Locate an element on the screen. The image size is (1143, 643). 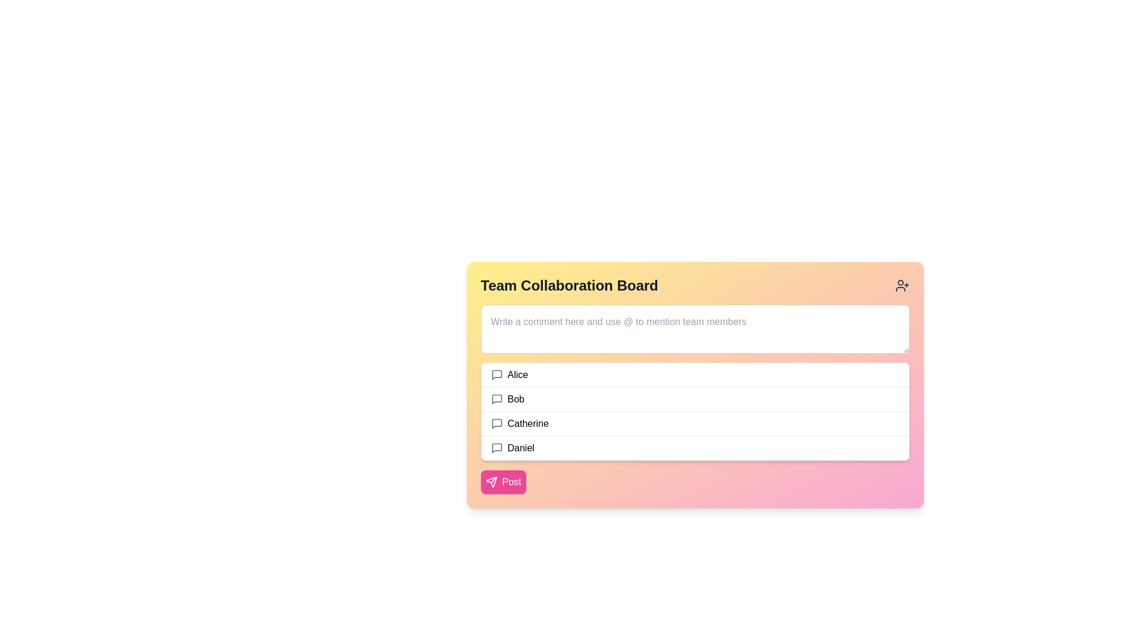
the chat bubble icon adjacent to the name 'Catherine' by moving the mouse pointer to its center is located at coordinates (496, 423).